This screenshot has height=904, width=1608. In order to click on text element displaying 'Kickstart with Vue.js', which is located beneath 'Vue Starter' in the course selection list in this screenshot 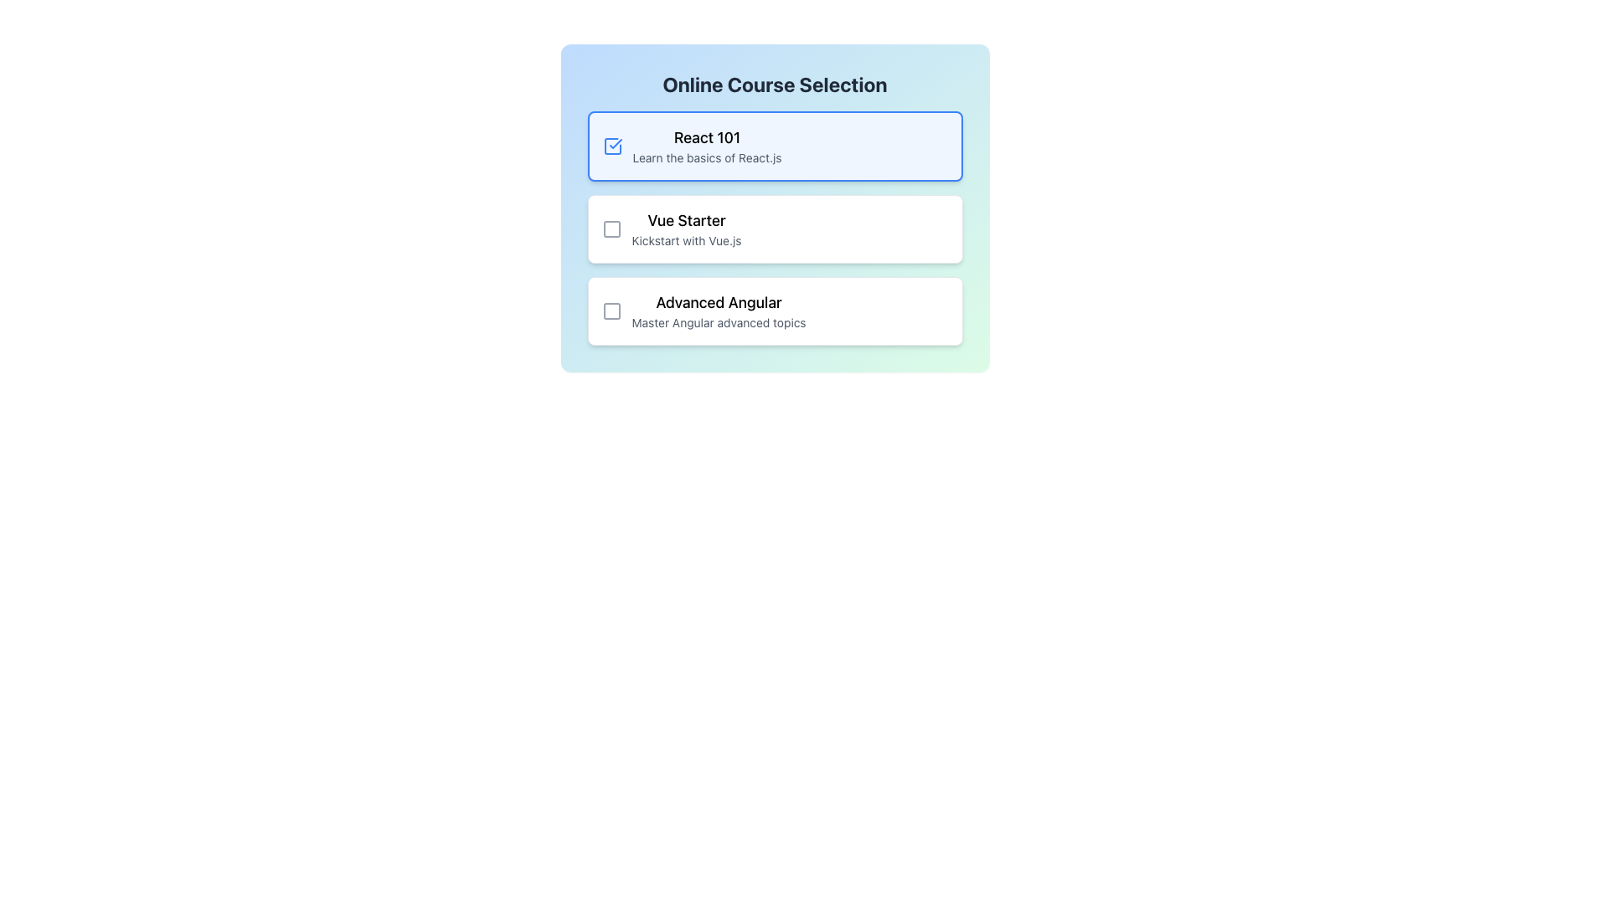, I will do `click(687, 241)`.